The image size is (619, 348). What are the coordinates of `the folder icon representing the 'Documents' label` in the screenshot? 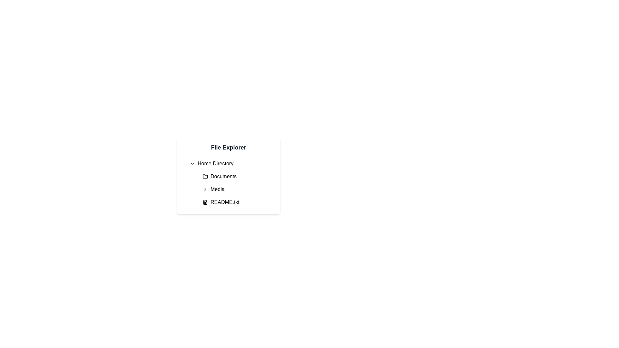 It's located at (205, 176).